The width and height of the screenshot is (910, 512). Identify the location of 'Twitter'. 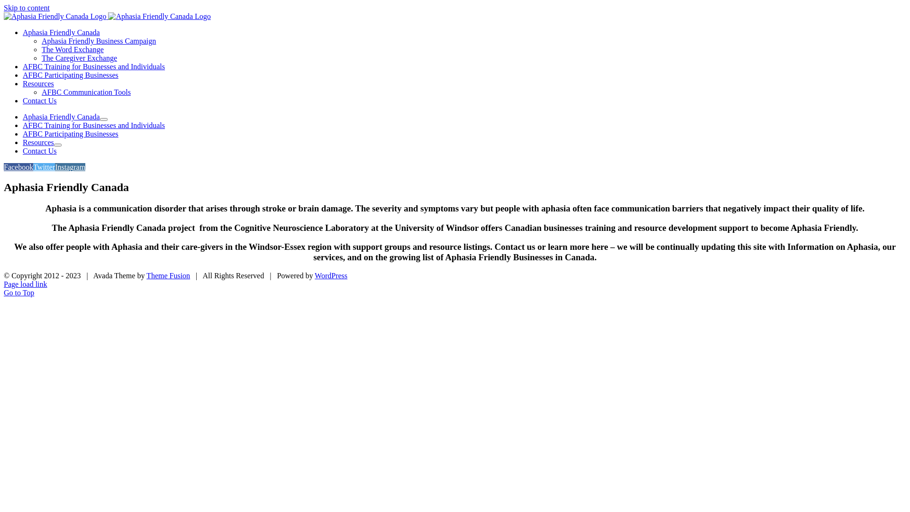
(43, 166).